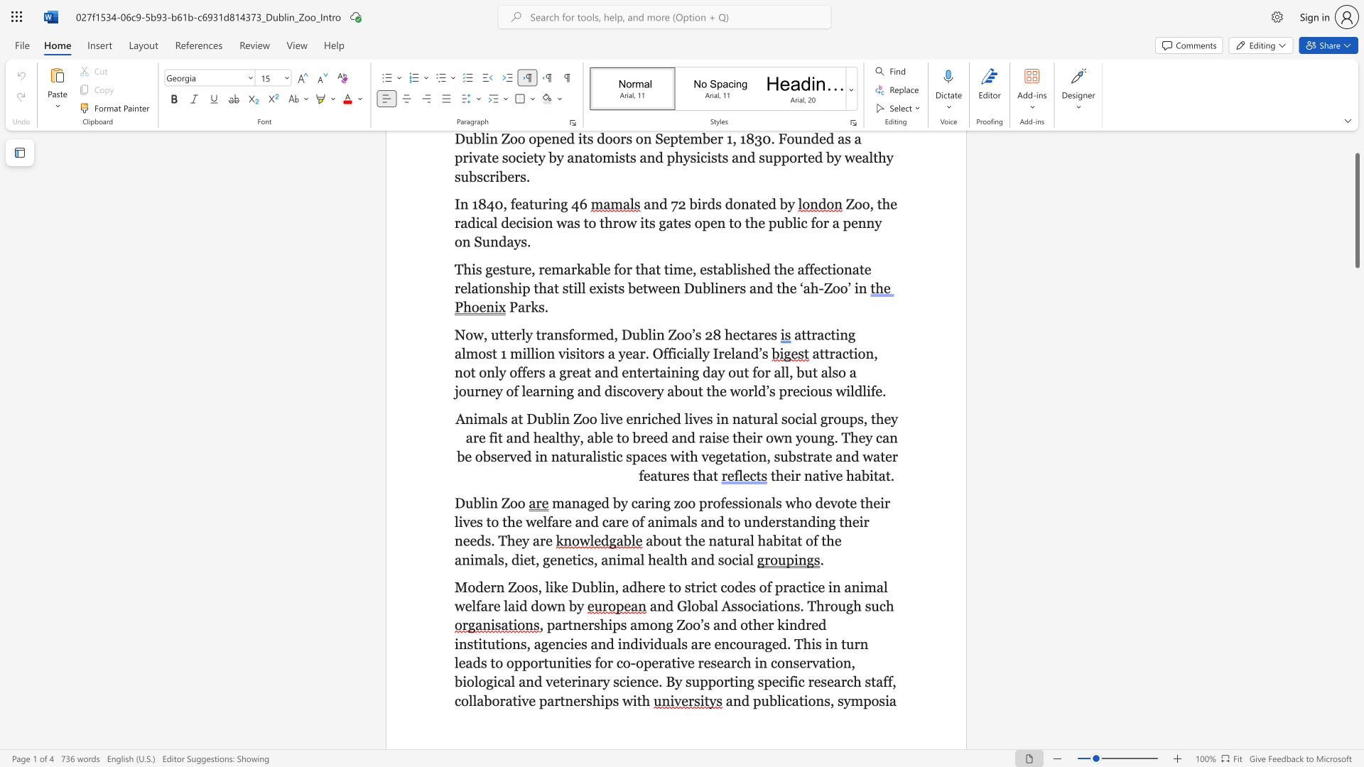 Image resolution: width=1364 pixels, height=767 pixels. What do you see at coordinates (453, 334) in the screenshot?
I see `the subset text "Now, utterly transformed, Dubli" within the text "Now, utterly transformed, Dublin Zoo’s 28 hectares"` at bounding box center [453, 334].